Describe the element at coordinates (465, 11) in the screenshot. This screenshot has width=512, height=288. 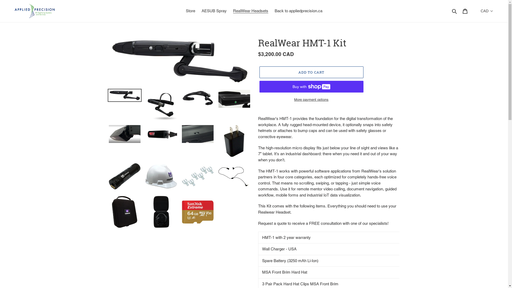
I see `'Cart'` at that location.